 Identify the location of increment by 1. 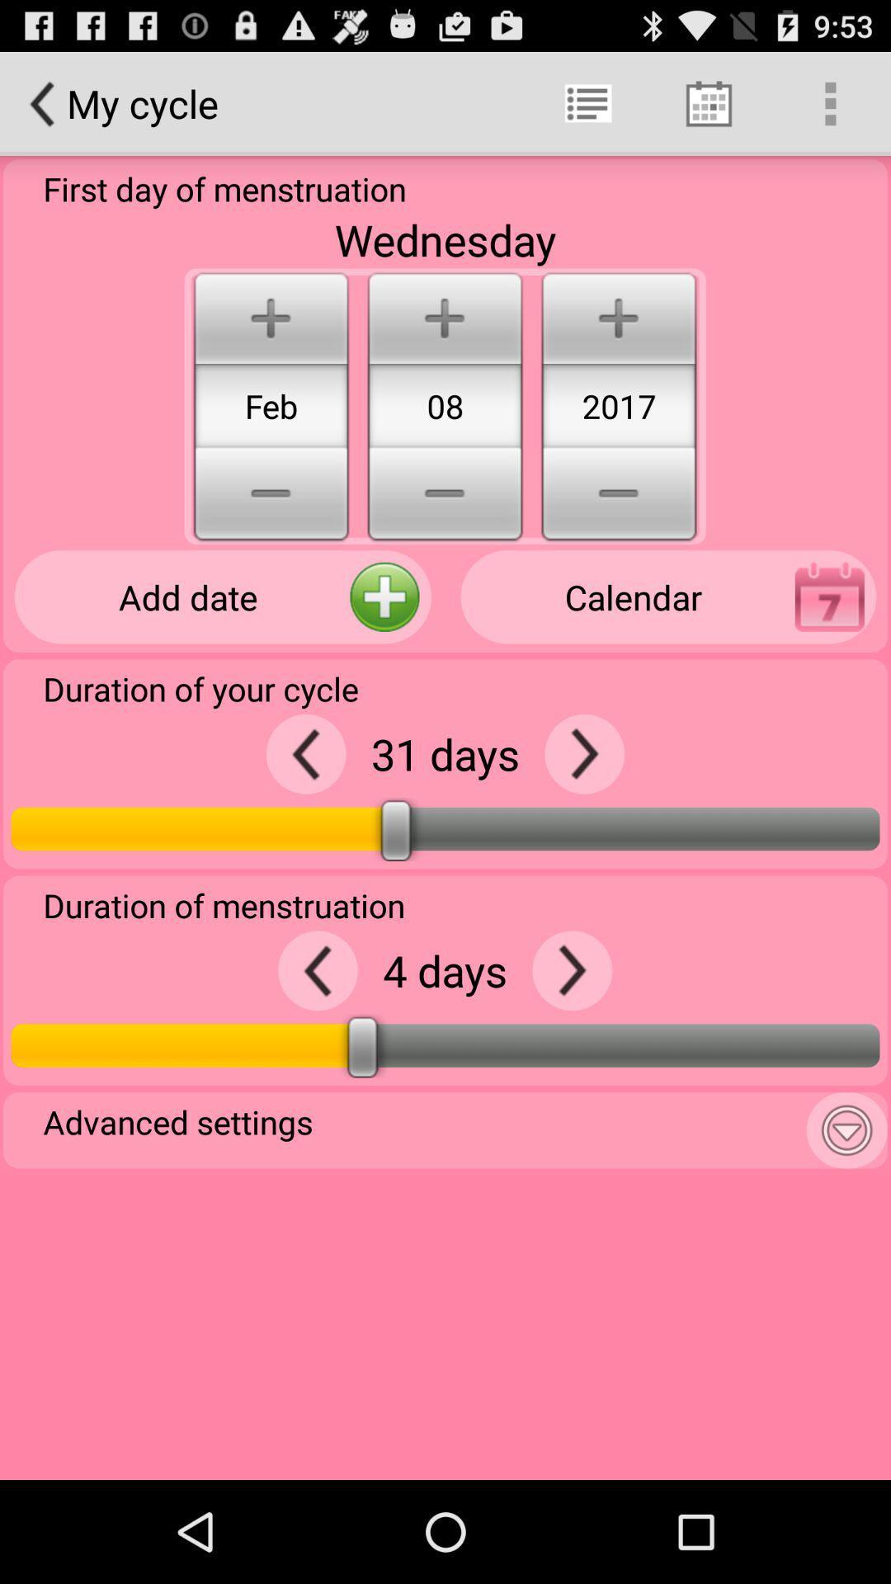
(571, 970).